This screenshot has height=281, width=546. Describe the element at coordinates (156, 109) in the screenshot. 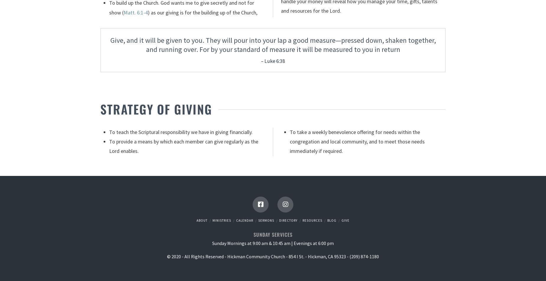

I see `'STRATEGY of Giving'` at that location.